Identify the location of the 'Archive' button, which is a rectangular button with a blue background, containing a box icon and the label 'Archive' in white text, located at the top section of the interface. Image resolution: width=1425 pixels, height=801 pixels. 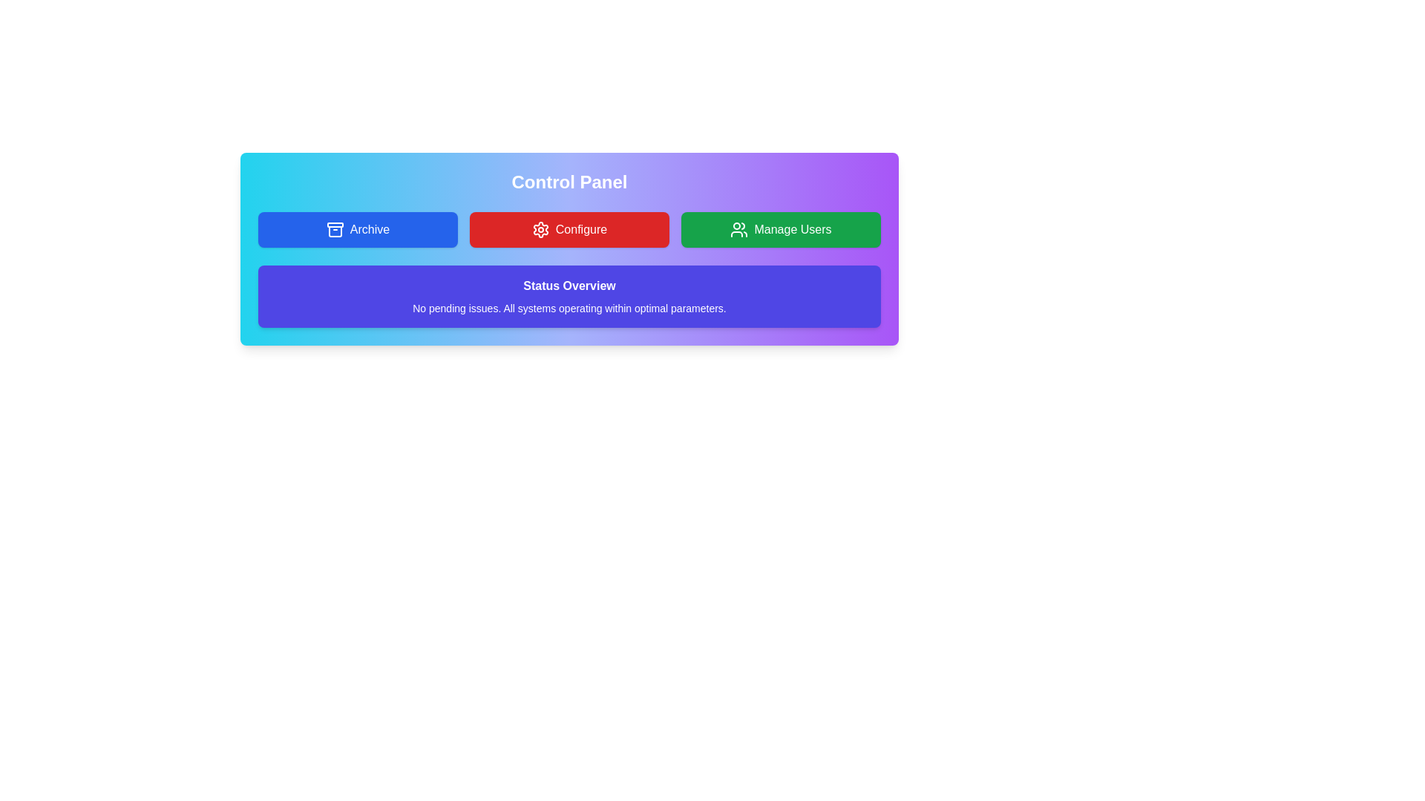
(358, 229).